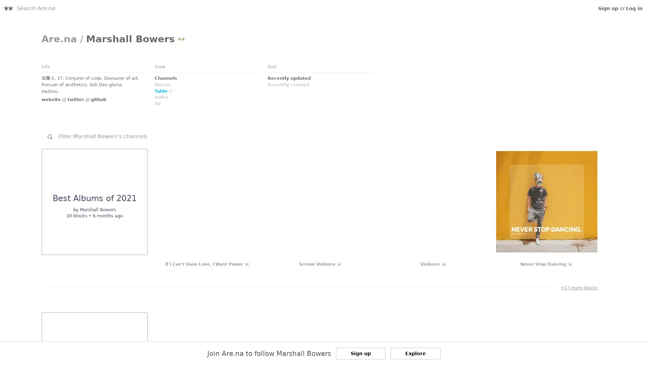 The height and width of the screenshot is (365, 648). I want to click on Link to Embed: Never Stop Dancing, so click(546, 201).